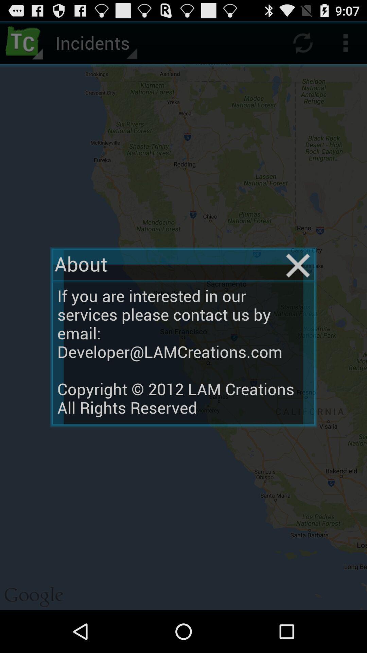 Image resolution: width=367 pixels, height=653 pixels. I want to click on icon next to incidents icon, so click(24, 42).